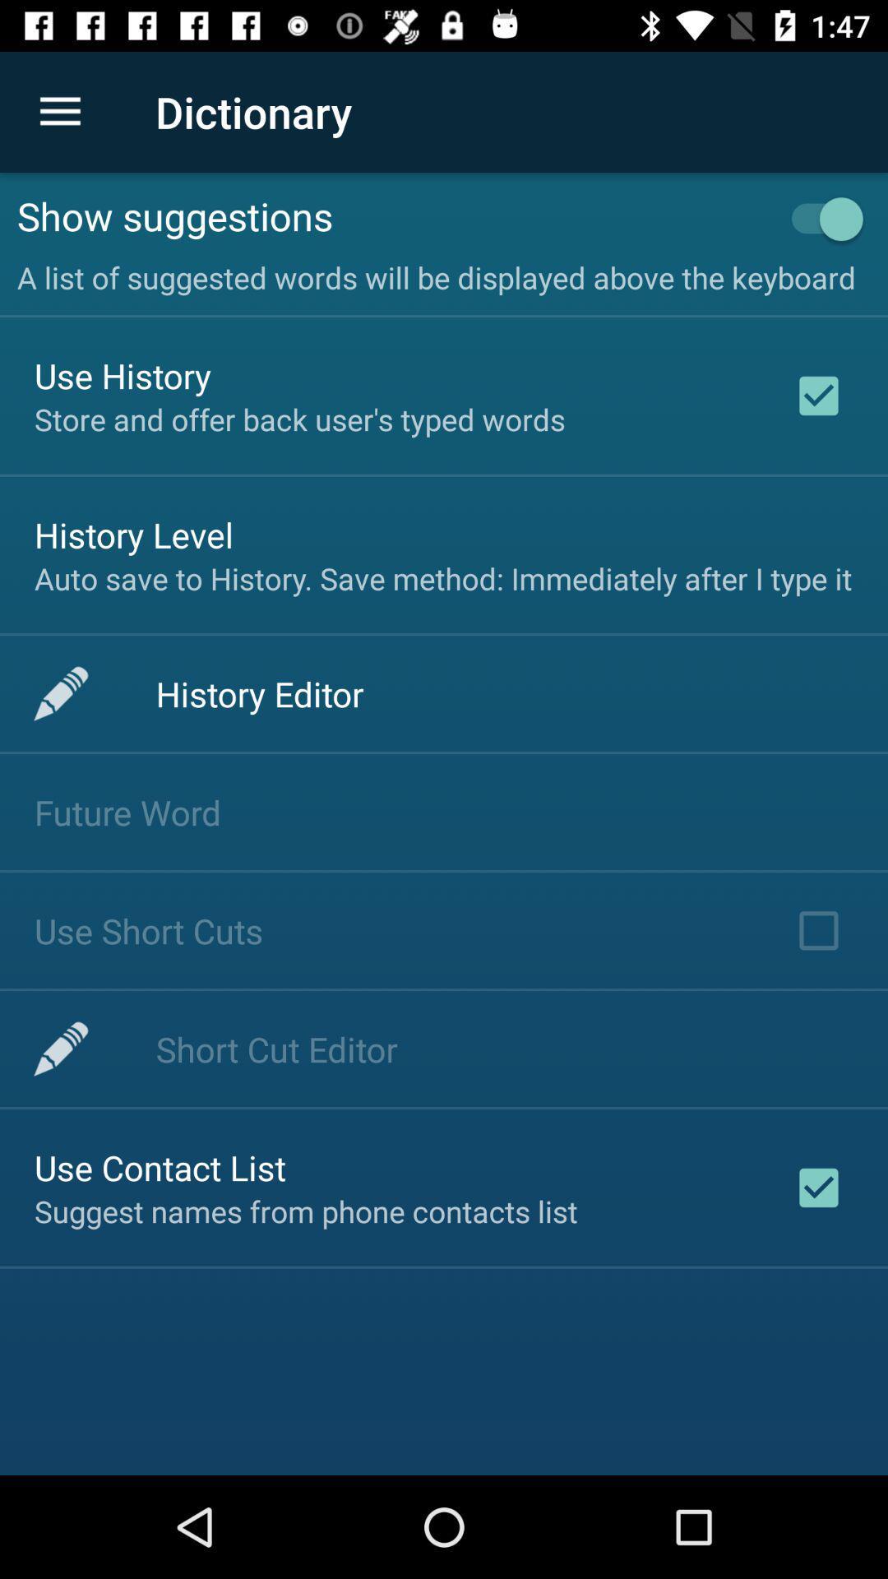 This screenshot has width=888, height=1579. Describe the element at coordinates (122, 374) in the screenshot. I see `the item above store and offer icon` at that location.